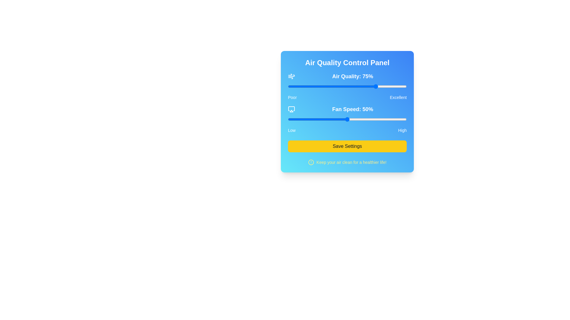  What do you see at coordinates (351, 162) in the screenshot?
I see `text label that says 'Keep your air clean for a healthier life!', which is styled with yellow font color and positioned on a blue background, located at the bottom of a rectangular UI panel` at bounding box center [351, 162].